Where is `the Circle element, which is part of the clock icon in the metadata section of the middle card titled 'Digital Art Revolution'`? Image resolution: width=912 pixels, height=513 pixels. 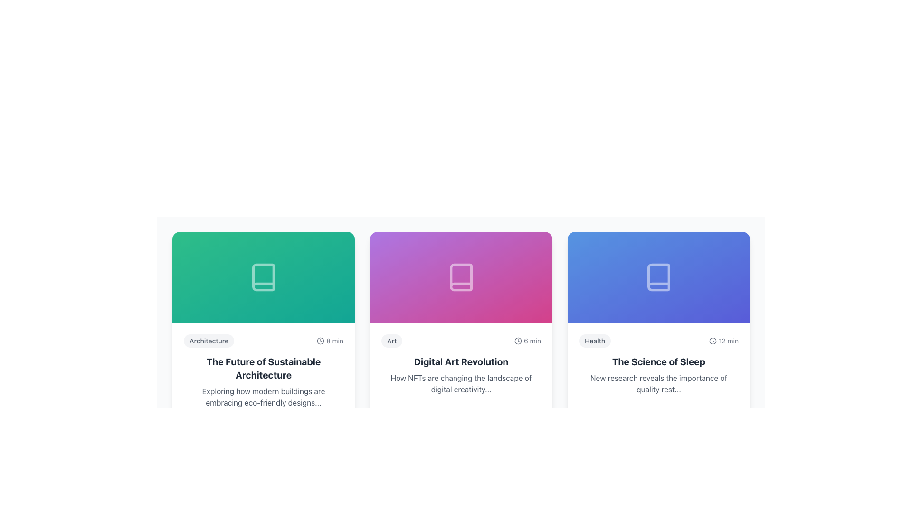 the Circle element, which is part of the clock icon in the metadata section of the middle card titled 'Digital Art Revolution' is located at coordinates (518, 340).